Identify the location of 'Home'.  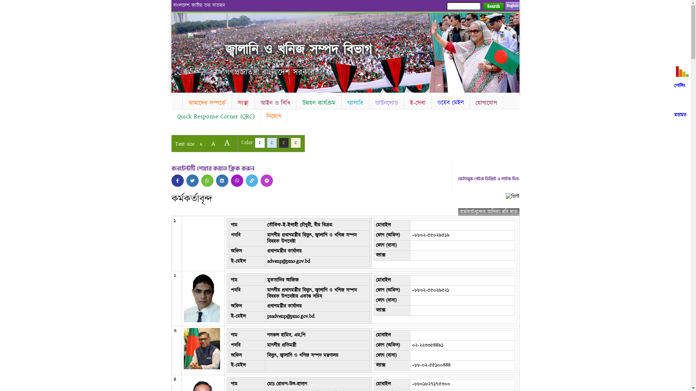
(176, 101).